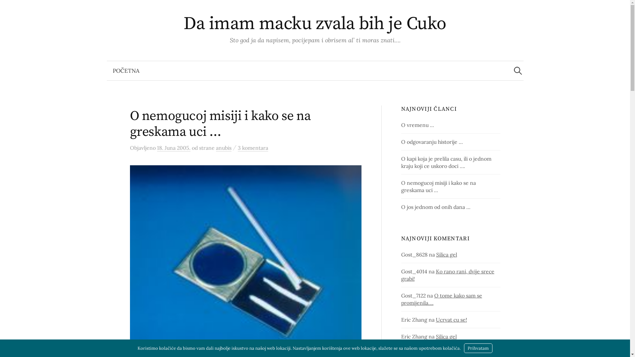  I want to click on 'anubis', so click(223, 147).